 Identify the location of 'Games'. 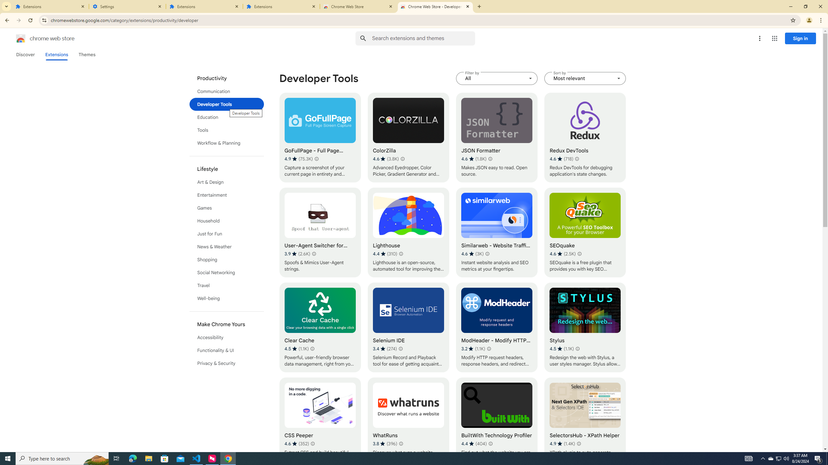
(227, 208).